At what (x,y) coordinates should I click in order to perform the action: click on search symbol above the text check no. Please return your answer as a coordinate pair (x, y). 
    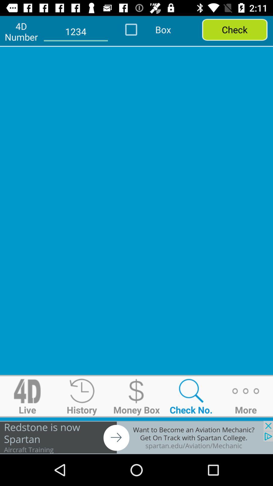
    Looking at the image, I should click on (191, 391).